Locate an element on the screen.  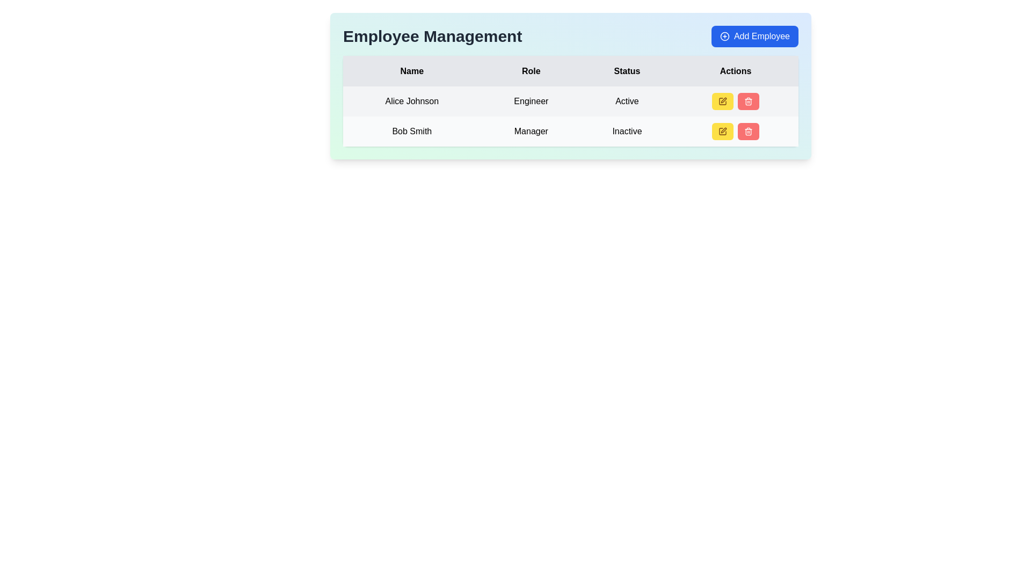
the Trash Can icon located in the rightmost action column of the second row under the 'Employee Management' header is located at coordinates (747, 102).